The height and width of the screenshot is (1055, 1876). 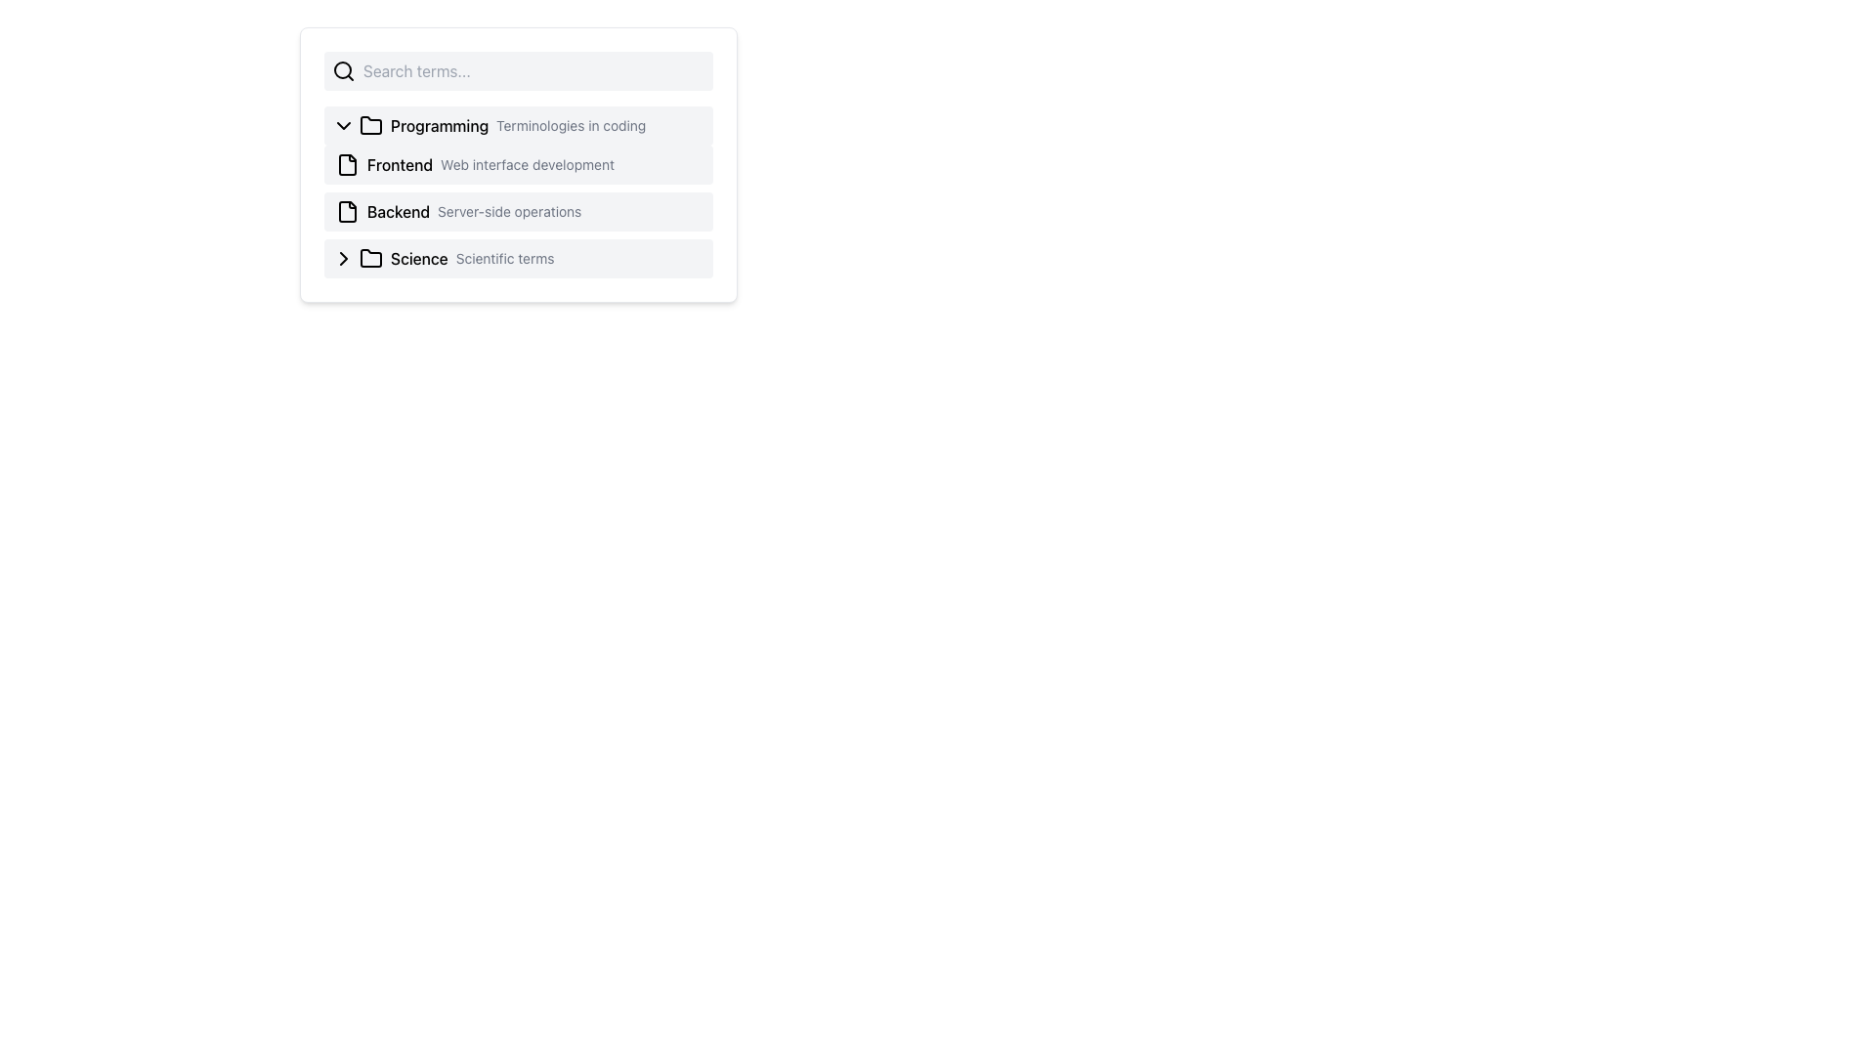 I want to click on the chevron icon located to the far-left of the row labeled 'Science Scientific terms', so click(x=343, y=258).